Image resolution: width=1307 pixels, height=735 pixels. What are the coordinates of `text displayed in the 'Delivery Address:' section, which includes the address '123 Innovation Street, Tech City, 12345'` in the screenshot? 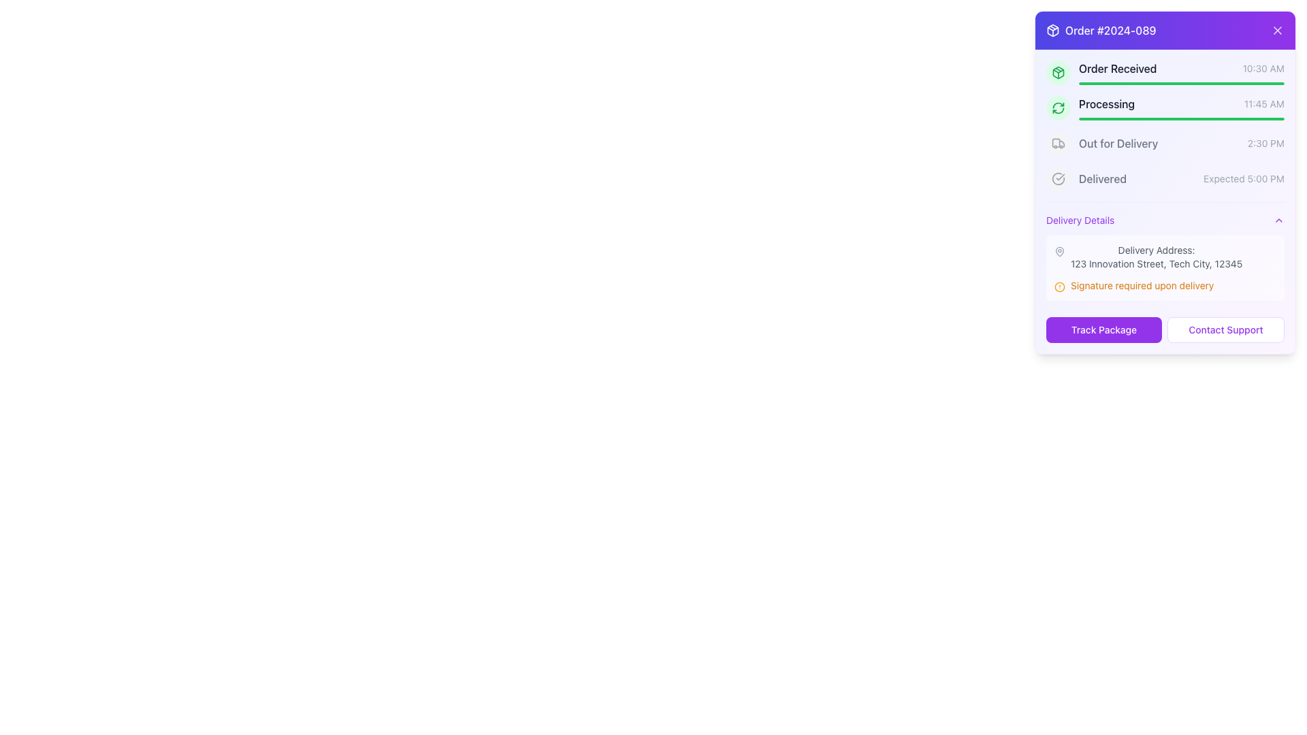 It's located at (1156, 257).